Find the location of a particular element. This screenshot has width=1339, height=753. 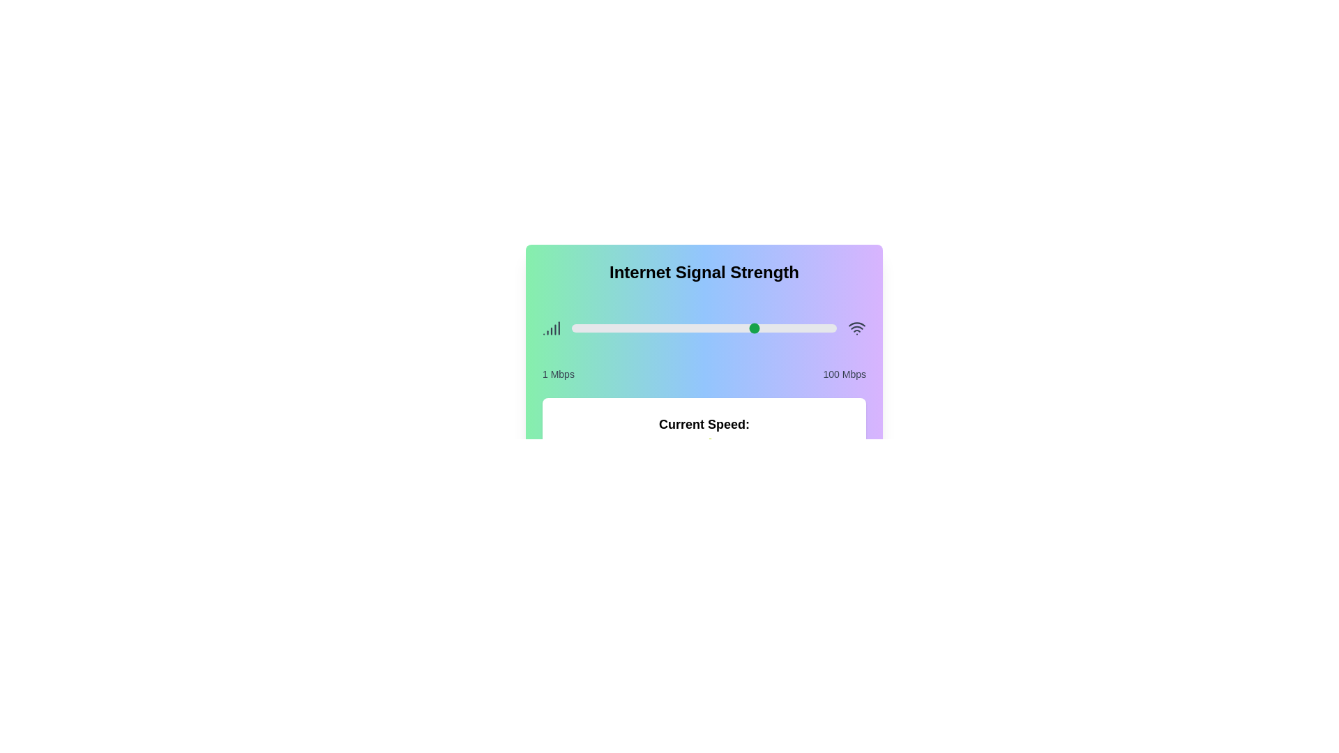

the signal strength slider to 81 percentage is located at coordinates (786, 328).